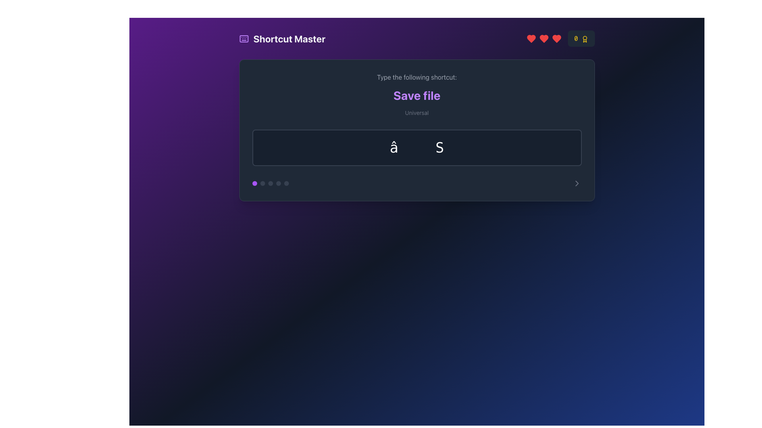  I want to click on the third red heart icon in the top-right corner of the interface, which represents a 'like' or 'favorite' feature, so click(543, 38).